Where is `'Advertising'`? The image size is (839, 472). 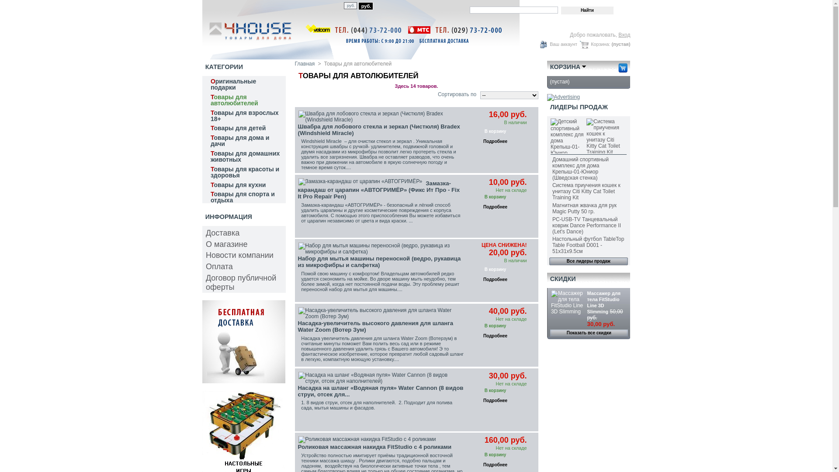
'Advertising' is located at coordinates (563, 97).